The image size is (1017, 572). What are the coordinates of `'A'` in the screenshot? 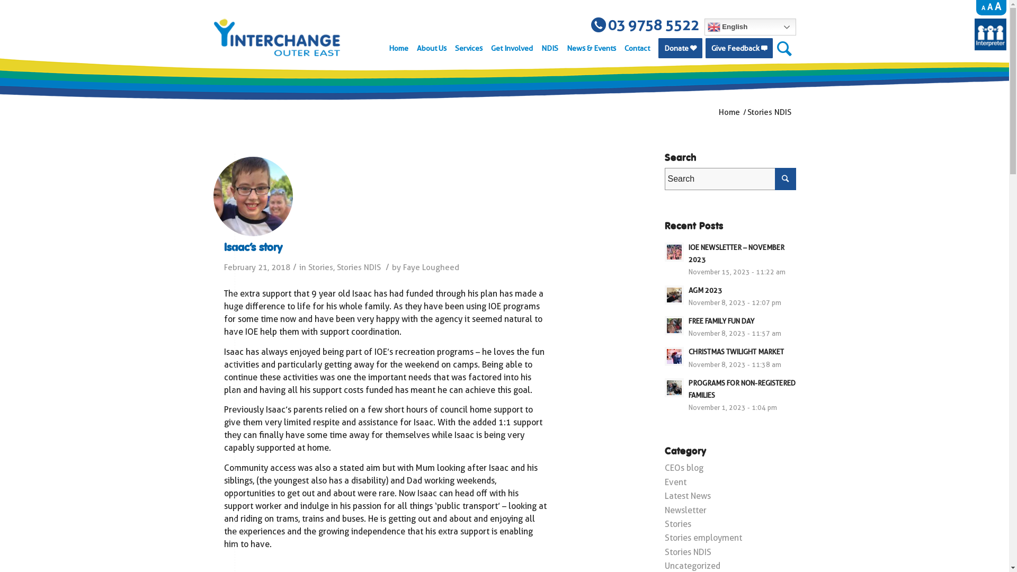 It's located at (997, 6).